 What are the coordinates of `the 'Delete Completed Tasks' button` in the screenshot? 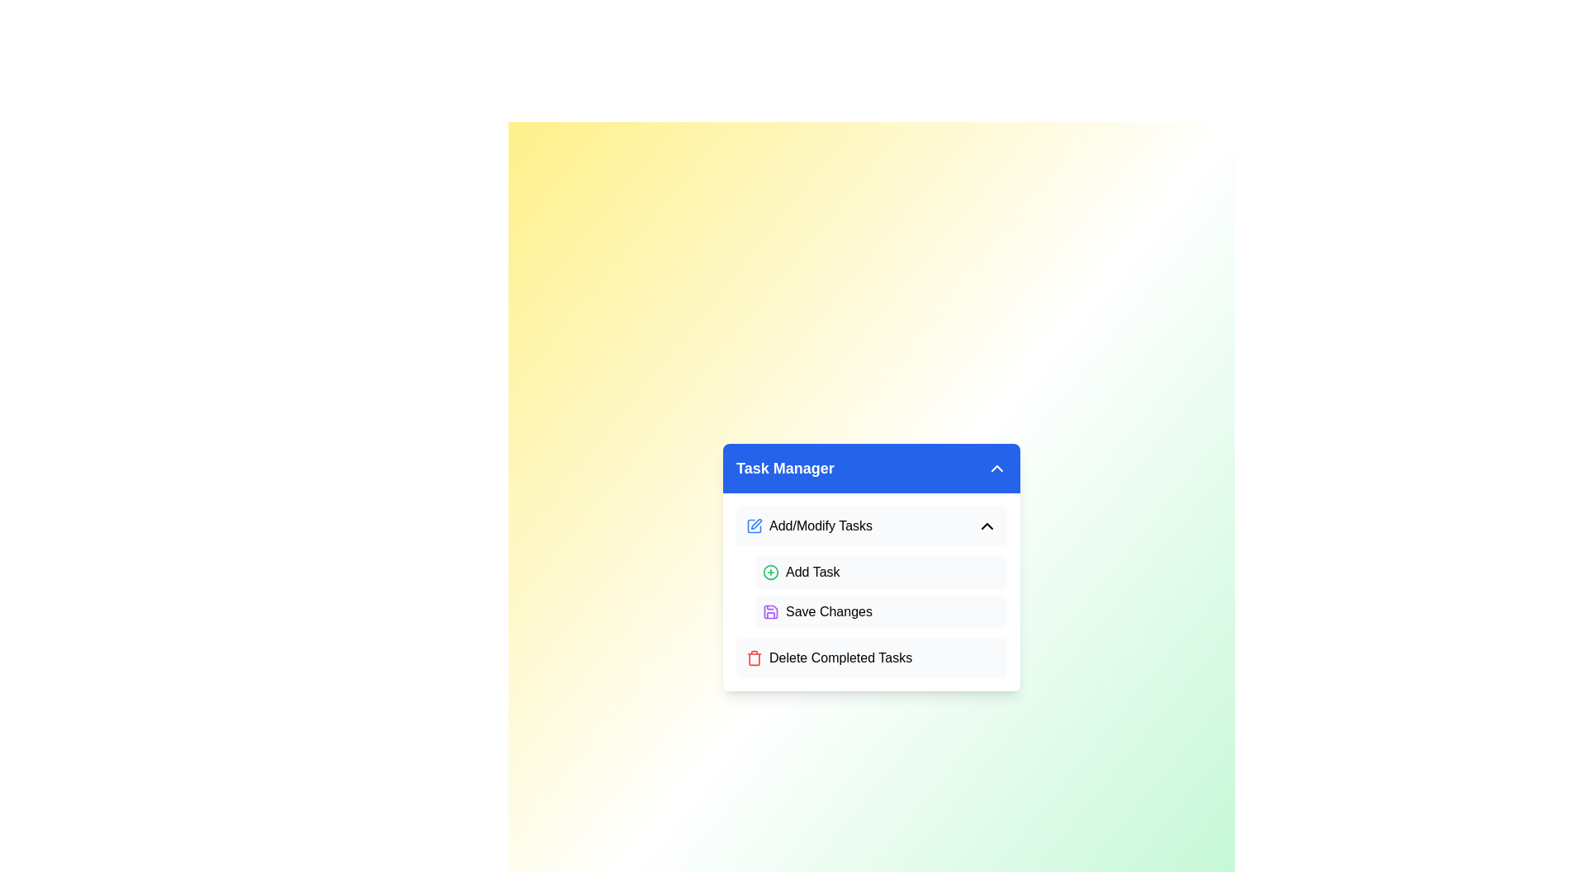 It's located at (871, 658).